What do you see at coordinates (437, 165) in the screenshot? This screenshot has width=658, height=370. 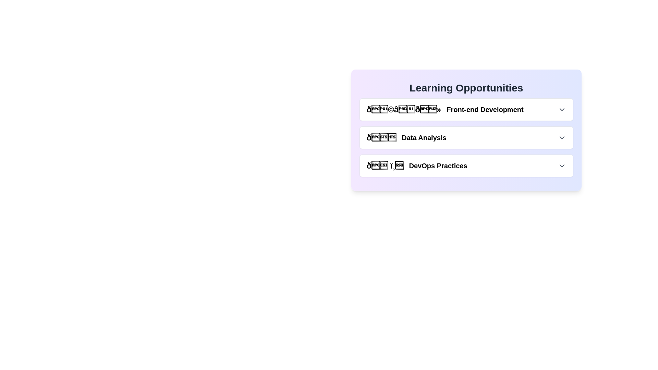 I see `the text label for the DevOps Practices category located in the 'Learning Opportunities' section` at bounding box center [437, 165].